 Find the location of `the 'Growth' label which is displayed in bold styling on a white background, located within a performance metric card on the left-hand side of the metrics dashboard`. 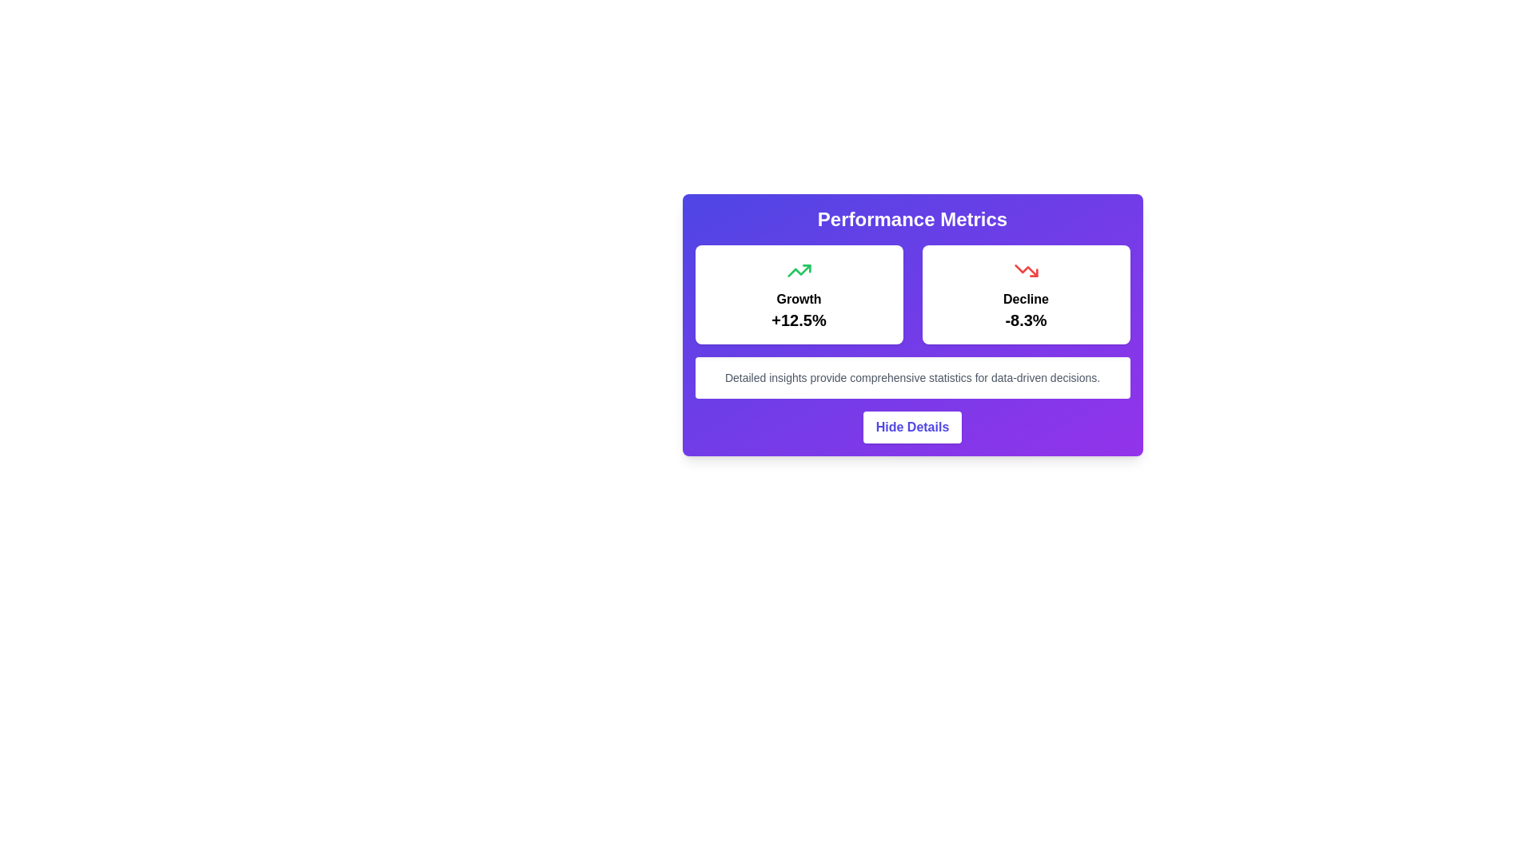

the 'Growth' label which is displayed in bold styling on a white background, located within a performance metric card on the left-hand side of the metrics dashboard is located at coordinates (799, 299).